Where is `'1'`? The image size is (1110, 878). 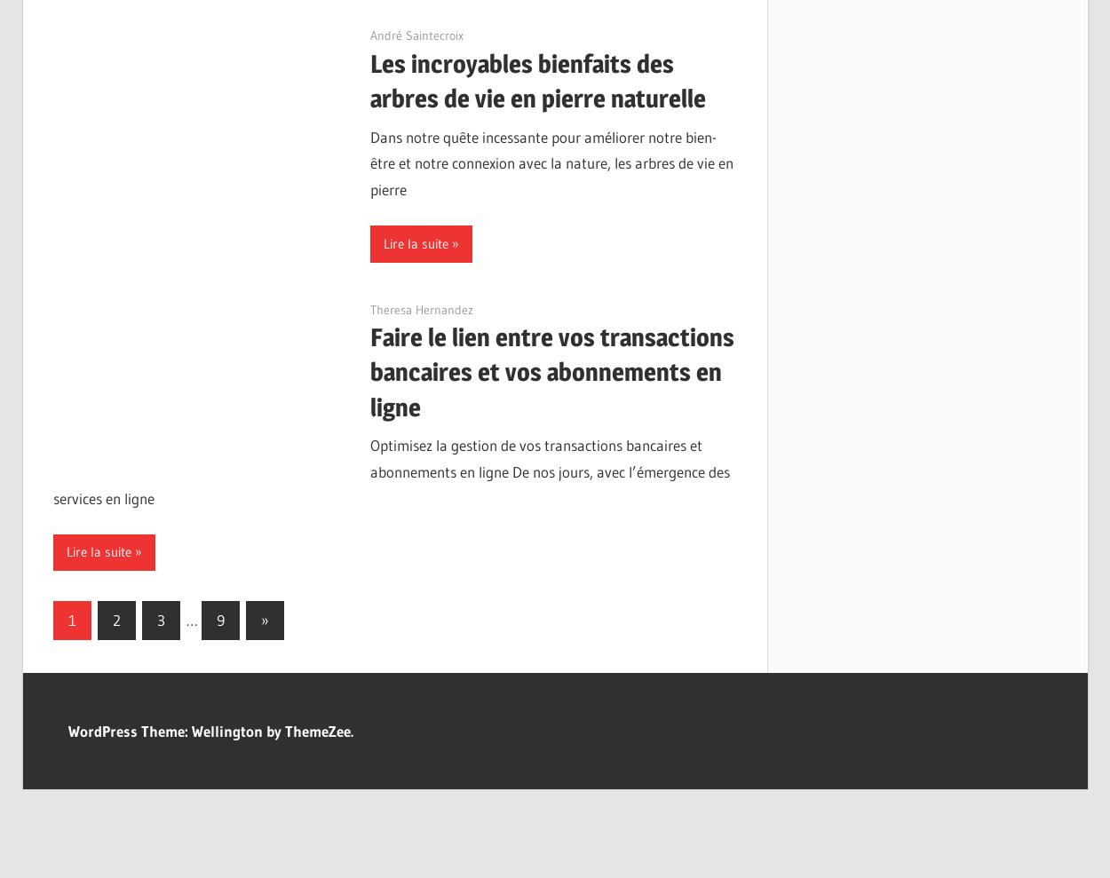 '1' is located at coordinates (70, 619).